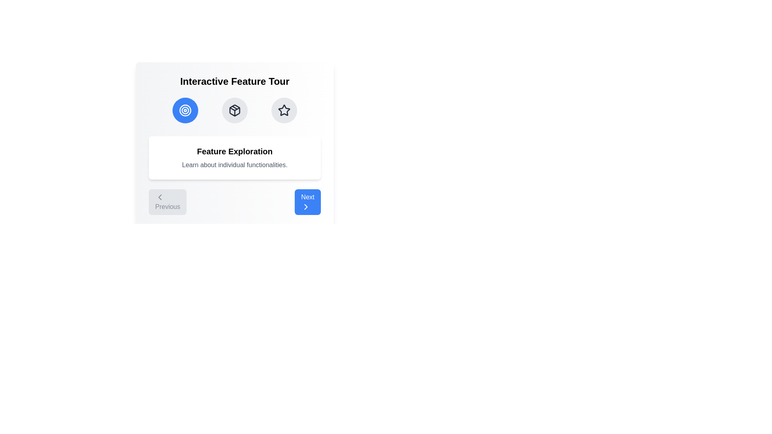  What do you see at coordinates (185, 110) in the screenshot?
I see `the second circle within the bullseye icon, which enhances the visual structure of the target icon, located in the top-left region of the card near the text 'Interactive Feature Tour'` at bounding box center [185, 110].